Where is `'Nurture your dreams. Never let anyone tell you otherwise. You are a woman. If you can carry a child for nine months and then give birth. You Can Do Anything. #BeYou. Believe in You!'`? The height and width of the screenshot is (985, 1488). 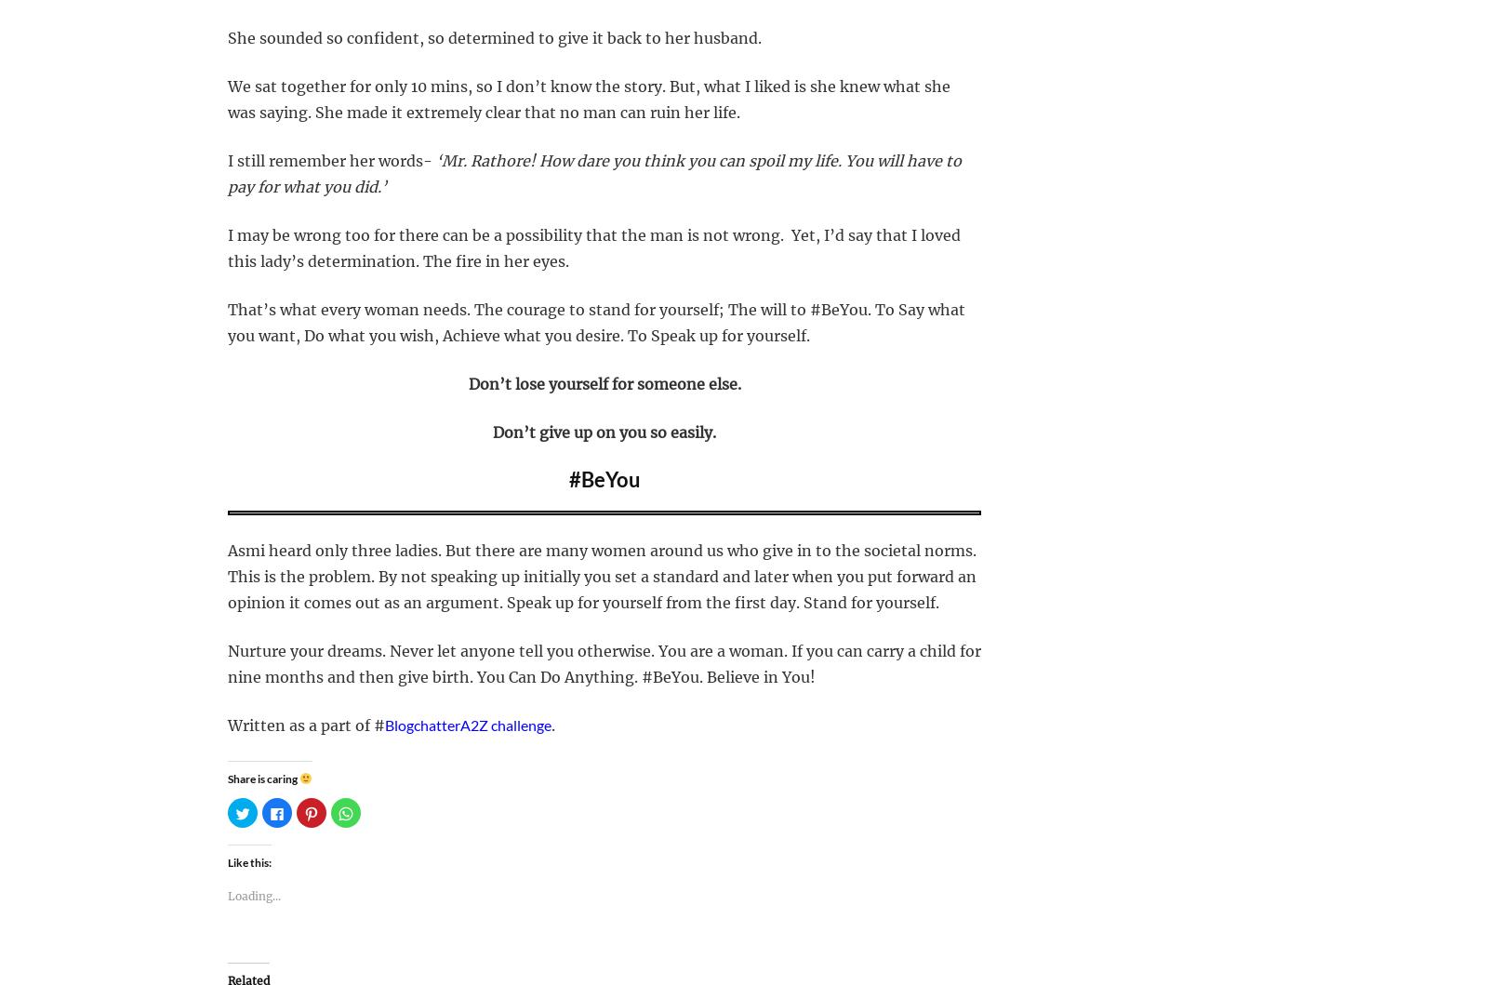
'Nurture your dreams. Never let anyone tell you otherwise. You are a woman. If you can carry a child for nine months and then give birth. You Can Do Anything. #BeYou. Believe in You!' is located at coordinates (227, 663).